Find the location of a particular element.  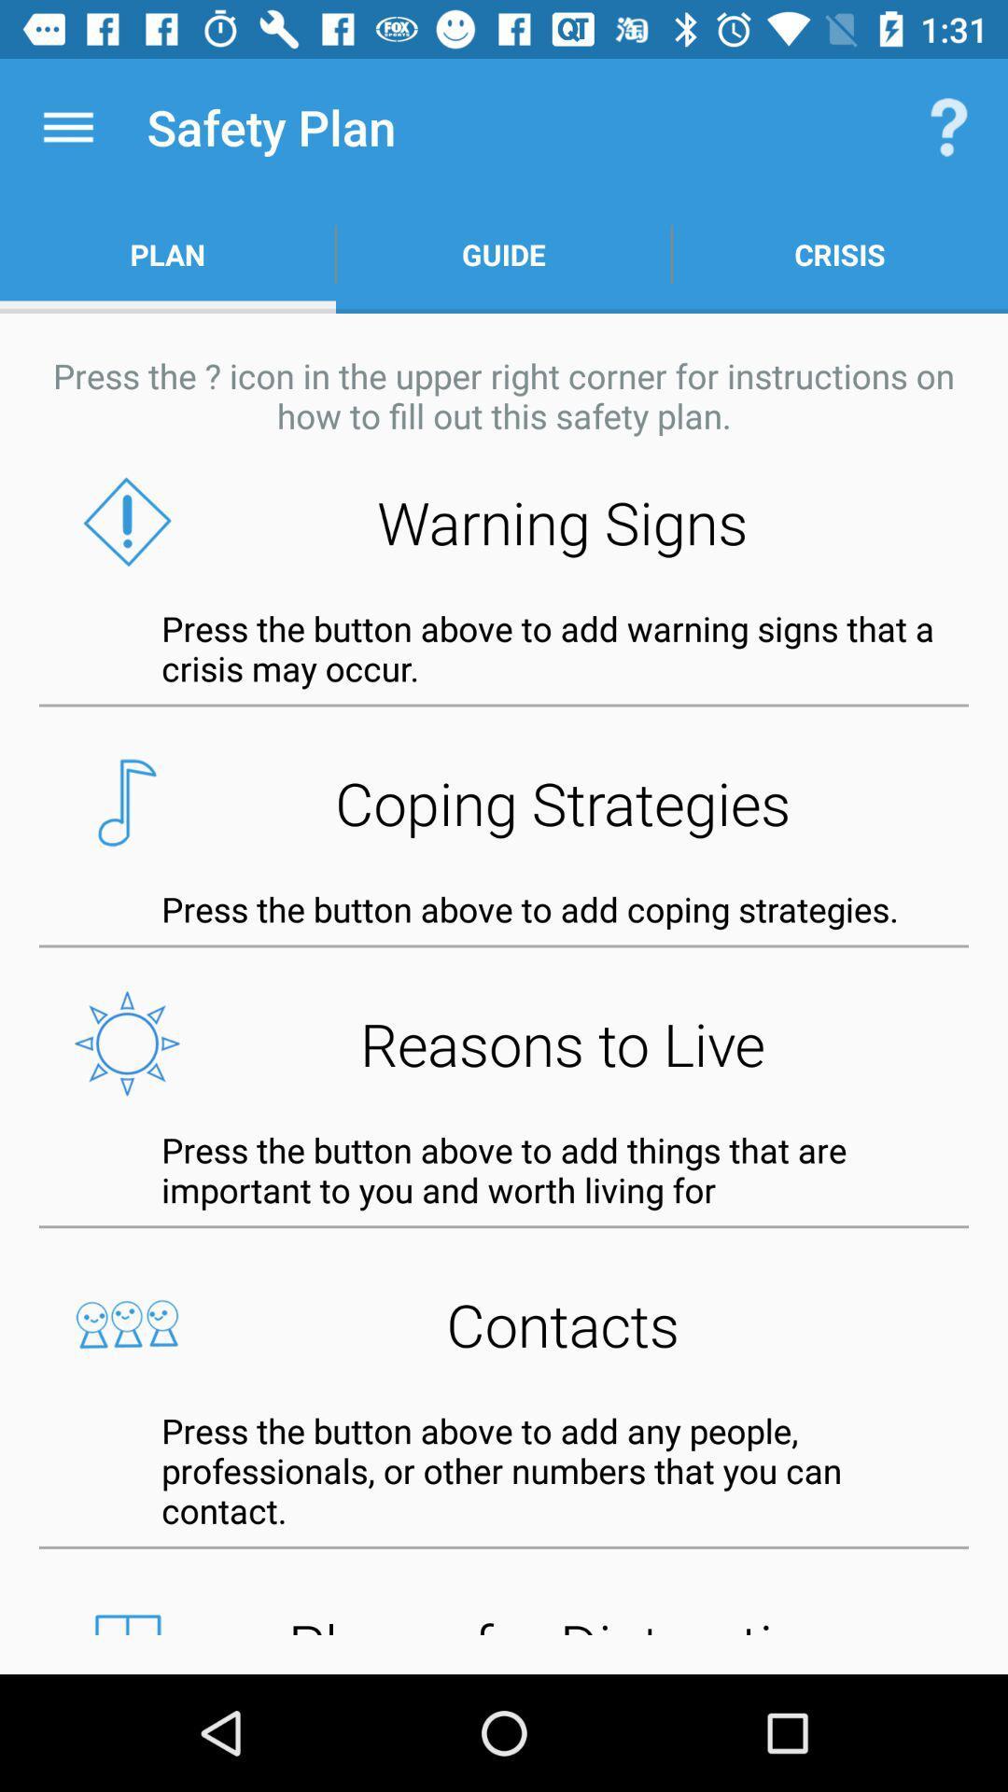

the contacts is located at coordinates (504, 1323).